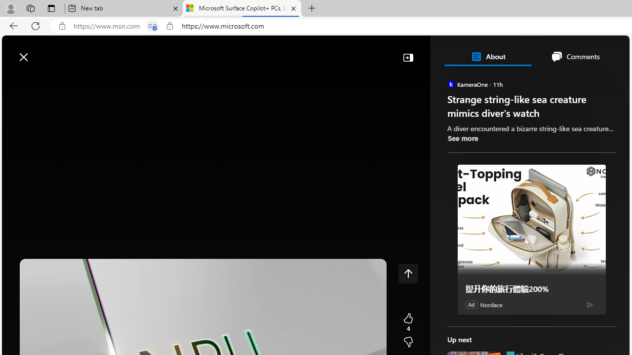  Describe the element at coordinates (408, 57) in the screenshot. I see `'Collapse'` at that location.